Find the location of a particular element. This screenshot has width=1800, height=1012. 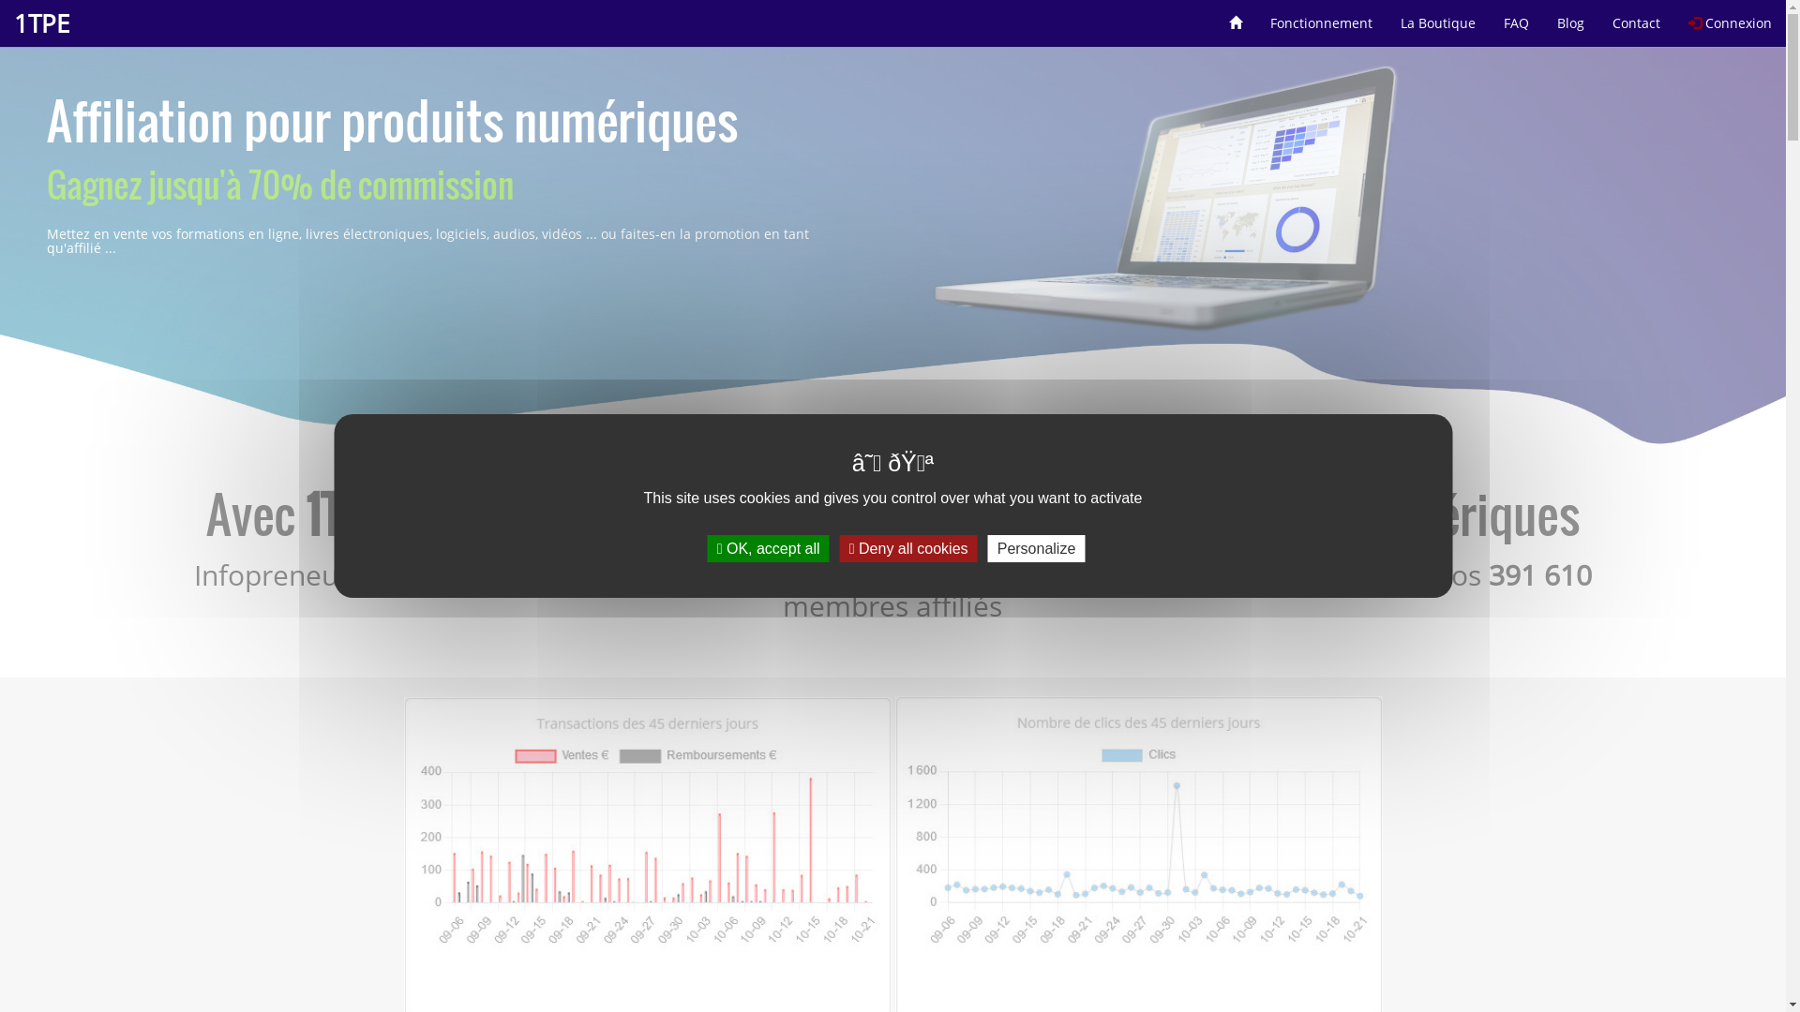

'Contact' is located at coordinates (1597, 16).